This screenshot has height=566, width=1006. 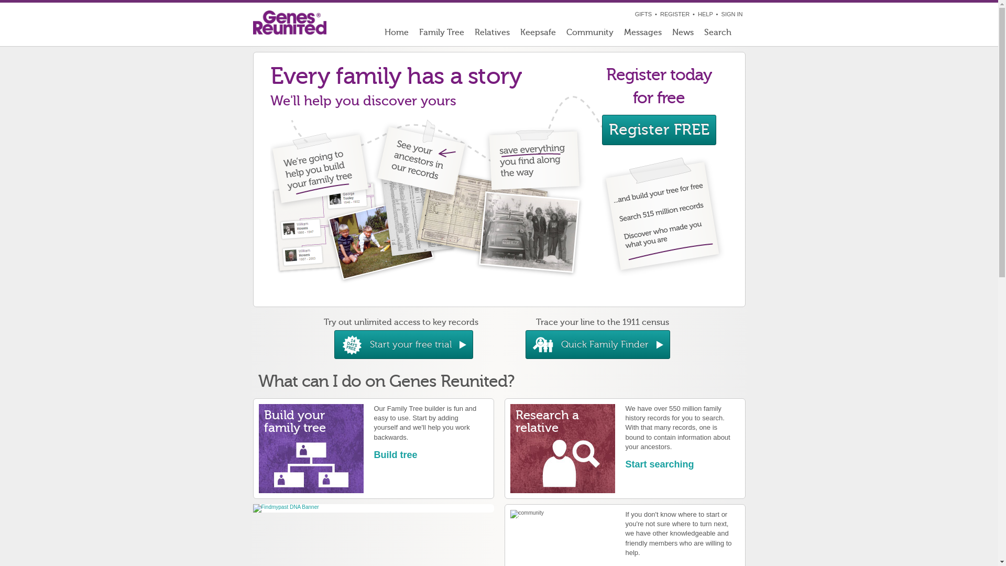 What do you see at coordinates (731, 14) in the screenshot?
I see `'SIGN IN'` at bounding box center [731, 14].